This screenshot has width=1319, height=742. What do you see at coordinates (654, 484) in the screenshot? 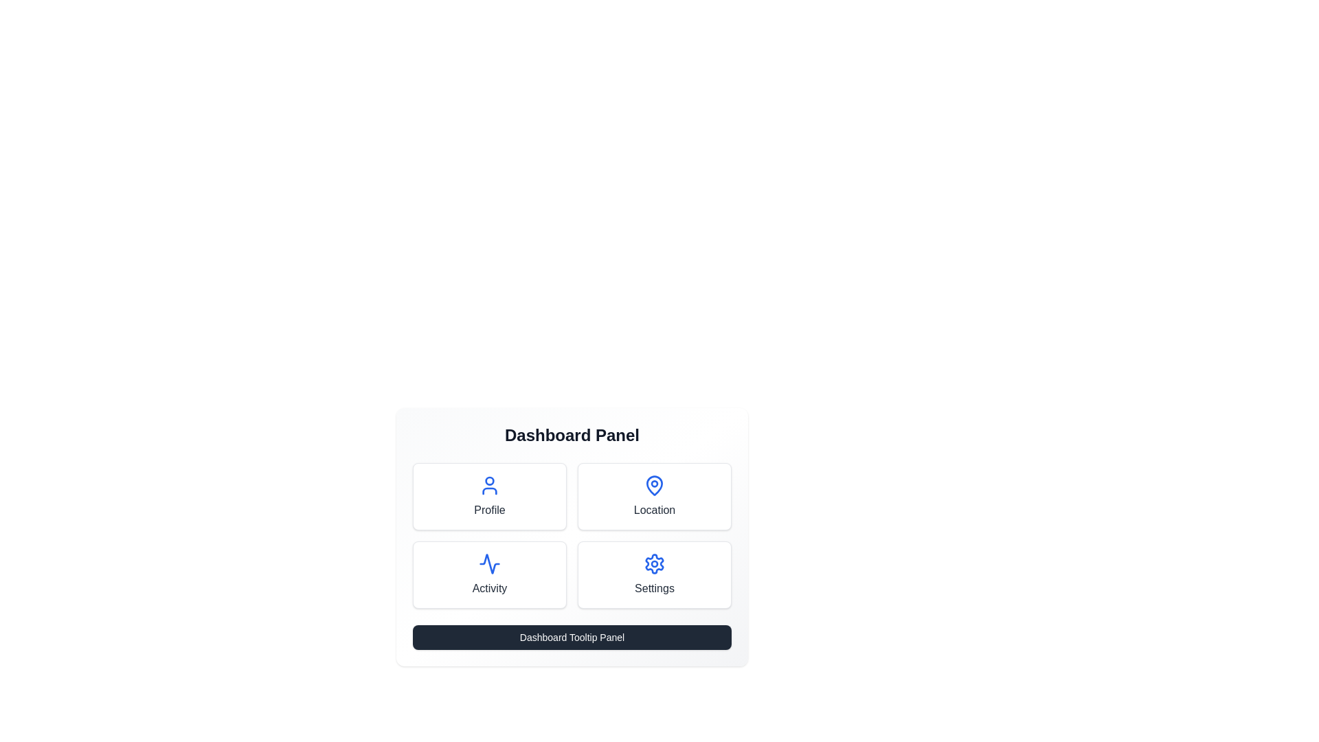
I see `the 'Location' icon located in the middle-right of the 'Dashboard Panel', which is situated above the label 'Location'` at bounding box center [654, 484].